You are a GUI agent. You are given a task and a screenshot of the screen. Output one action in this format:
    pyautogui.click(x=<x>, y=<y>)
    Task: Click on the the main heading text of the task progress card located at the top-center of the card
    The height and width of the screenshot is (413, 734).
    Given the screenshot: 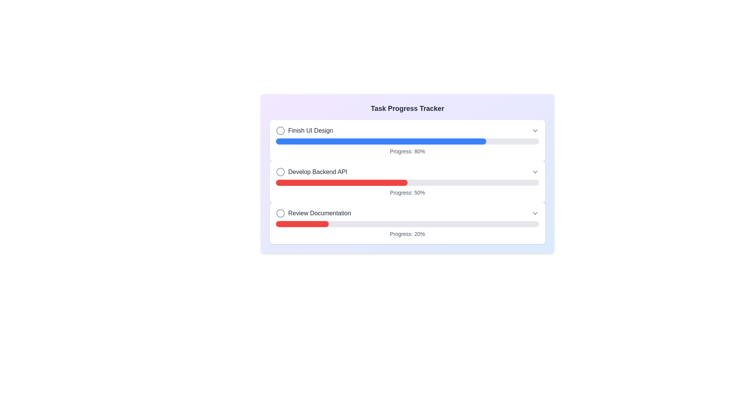 What is the action you would take?
    pyautogui.click(x=407, y=109)
    